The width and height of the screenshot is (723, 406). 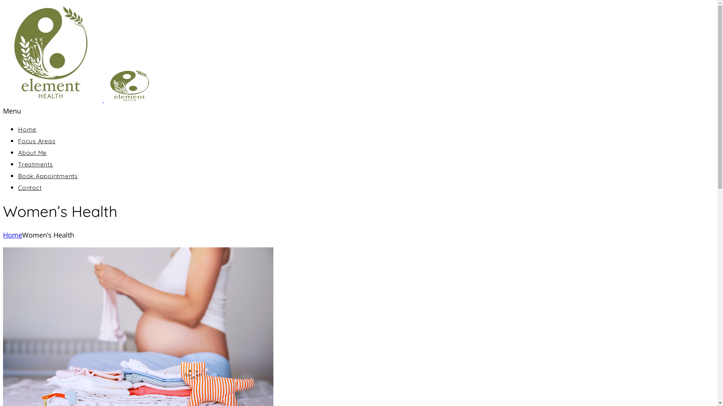 What do you see at coordinates (29, 187) in the screenshot?
I see `'Contact'` at bounding box center [29, 187].